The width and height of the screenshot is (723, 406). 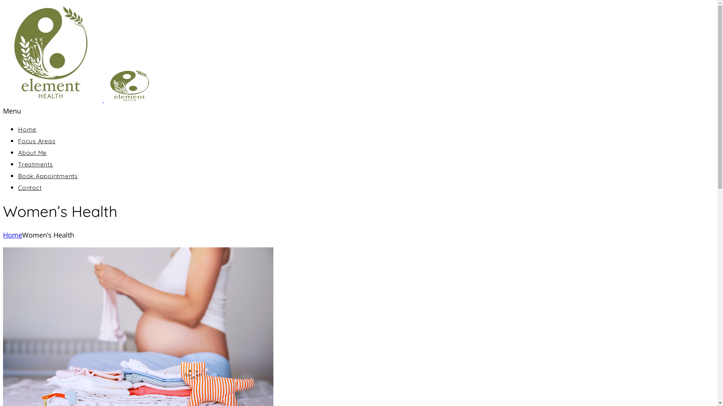 What do you see at coordinates (29, 187) in the screenshot?
I see `'Contact'` at bounding box center [29, 187].